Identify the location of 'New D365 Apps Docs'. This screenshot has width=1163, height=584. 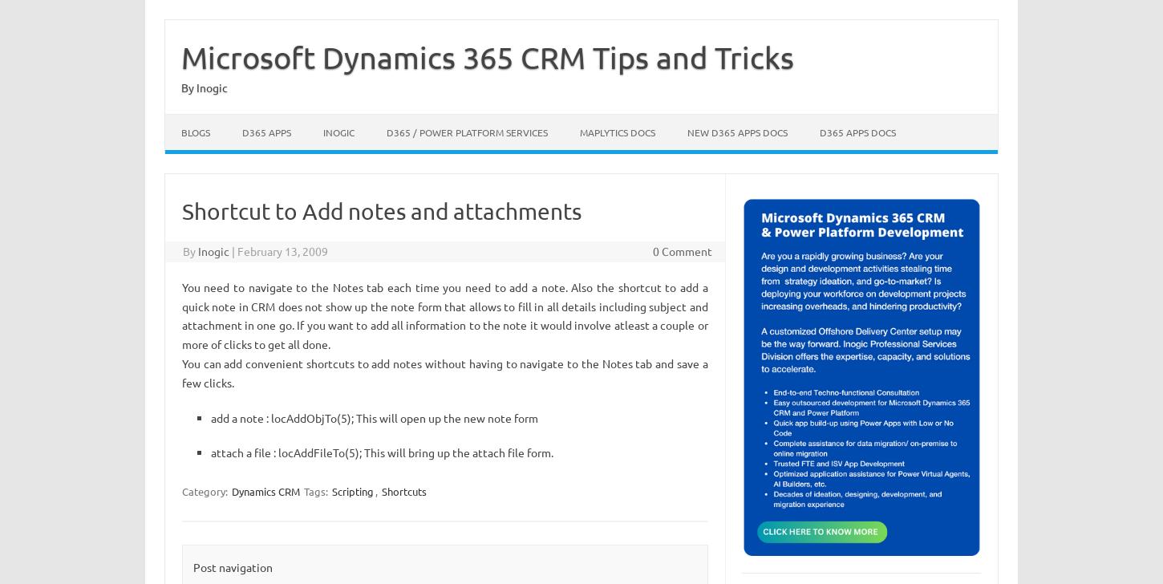
(736, 132).